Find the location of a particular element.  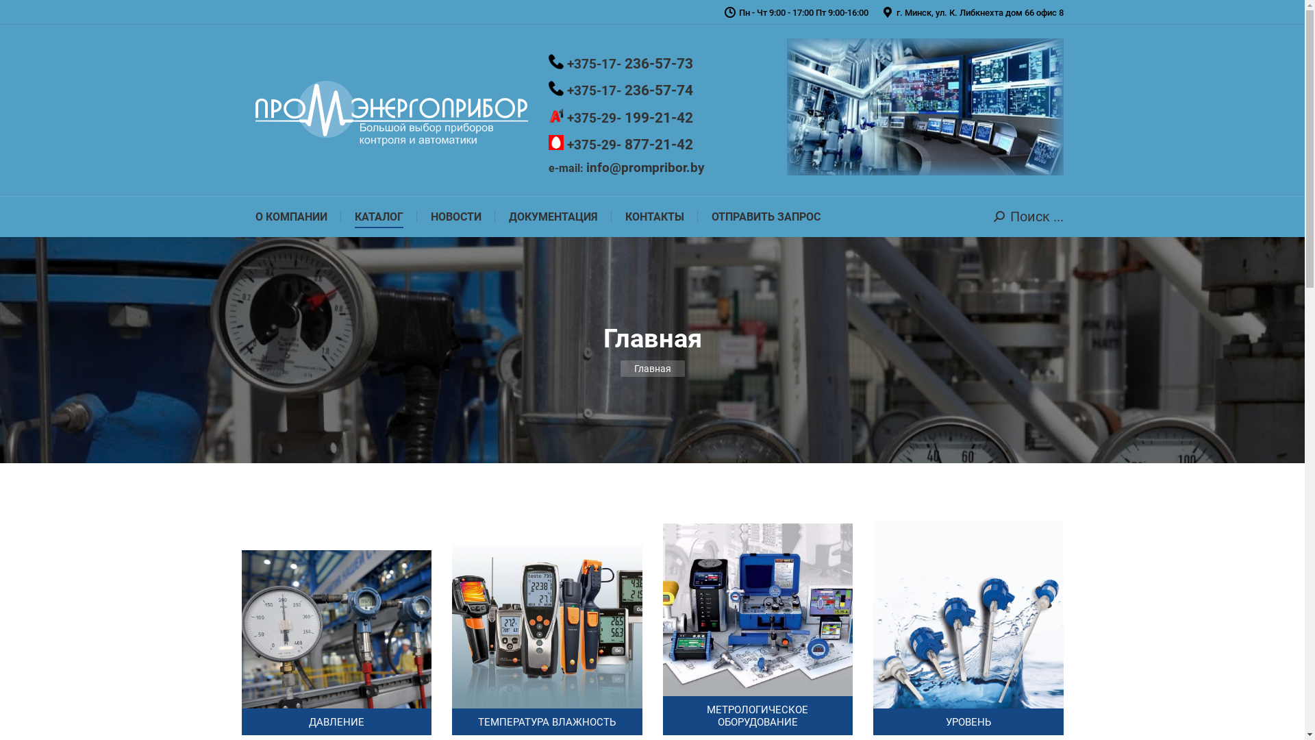

'+375-17- 236-57-74' is located at coordinates (619, 91).